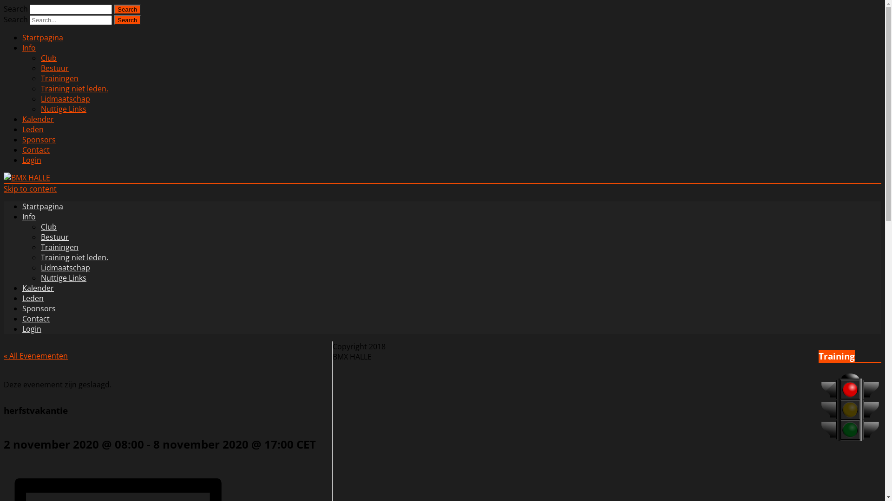 The height and width of the screenshot is (501, 892). What do you see at coordinates (63, 109) in the screenshot?
I see `'Nuttige Links'` at bounding box center [63, 109].